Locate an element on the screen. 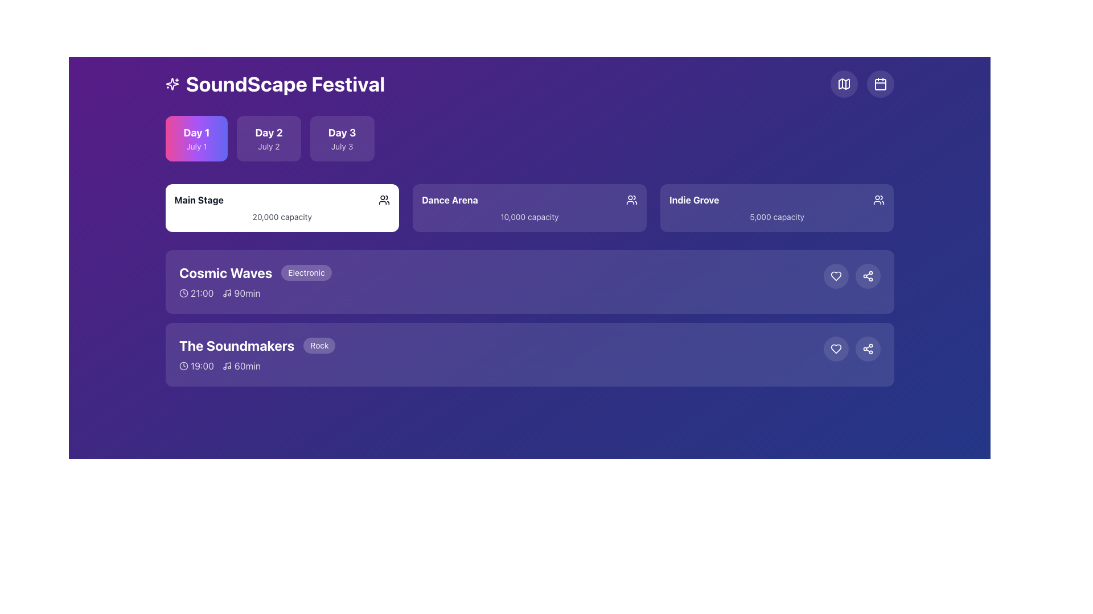 This screenshot has width=1093, height=614. the share icon located at the bottom right of the 'Cosmic Waves' event card is located at coordinates (867, 348).